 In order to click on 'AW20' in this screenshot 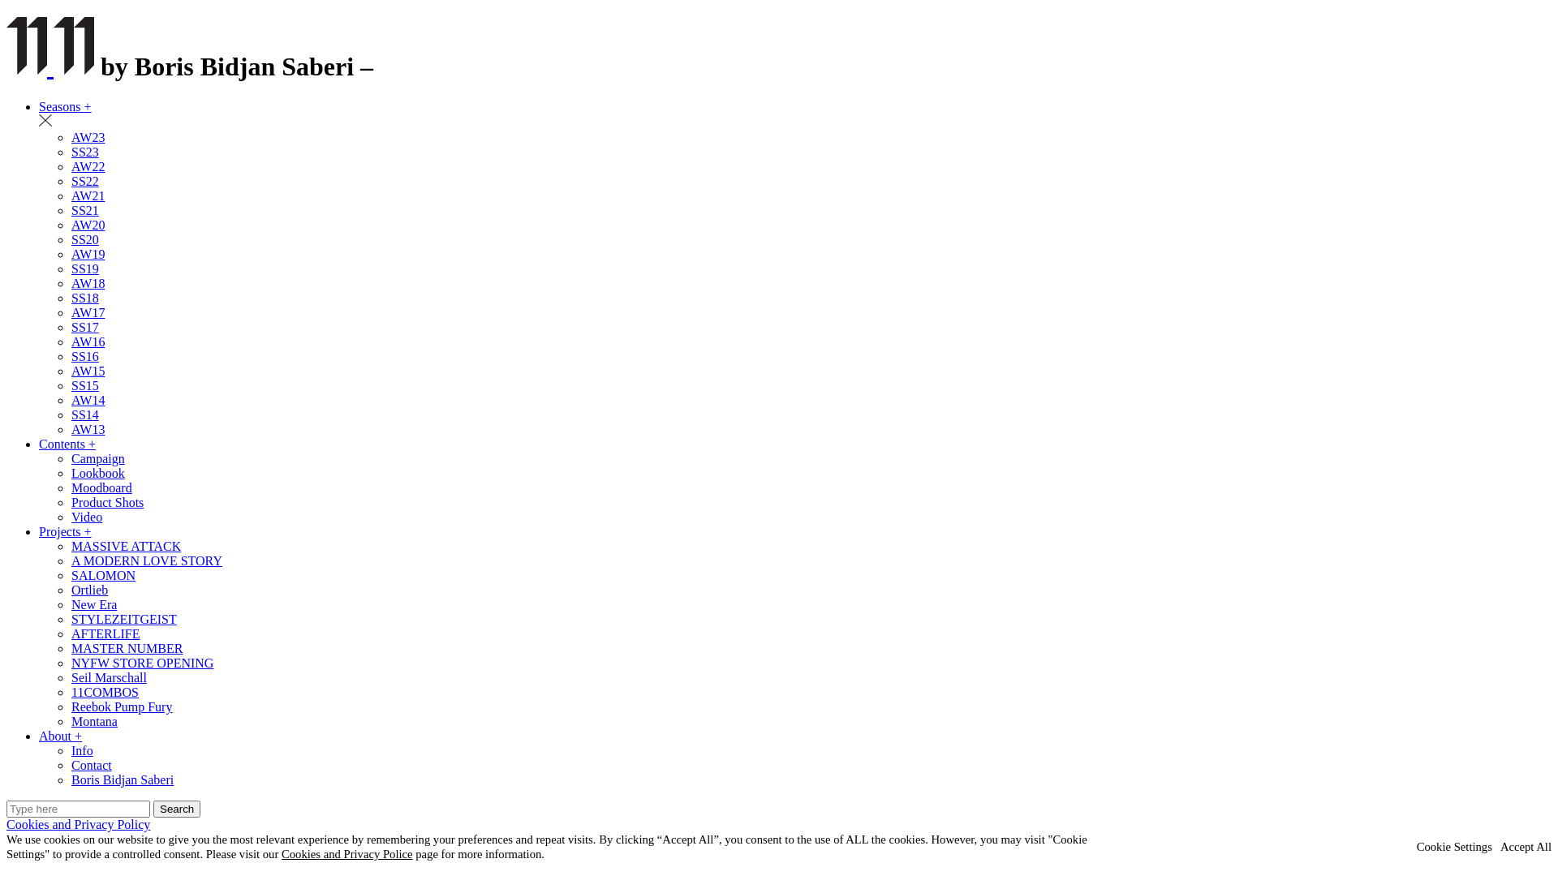, I will do `click(87, 225)`.